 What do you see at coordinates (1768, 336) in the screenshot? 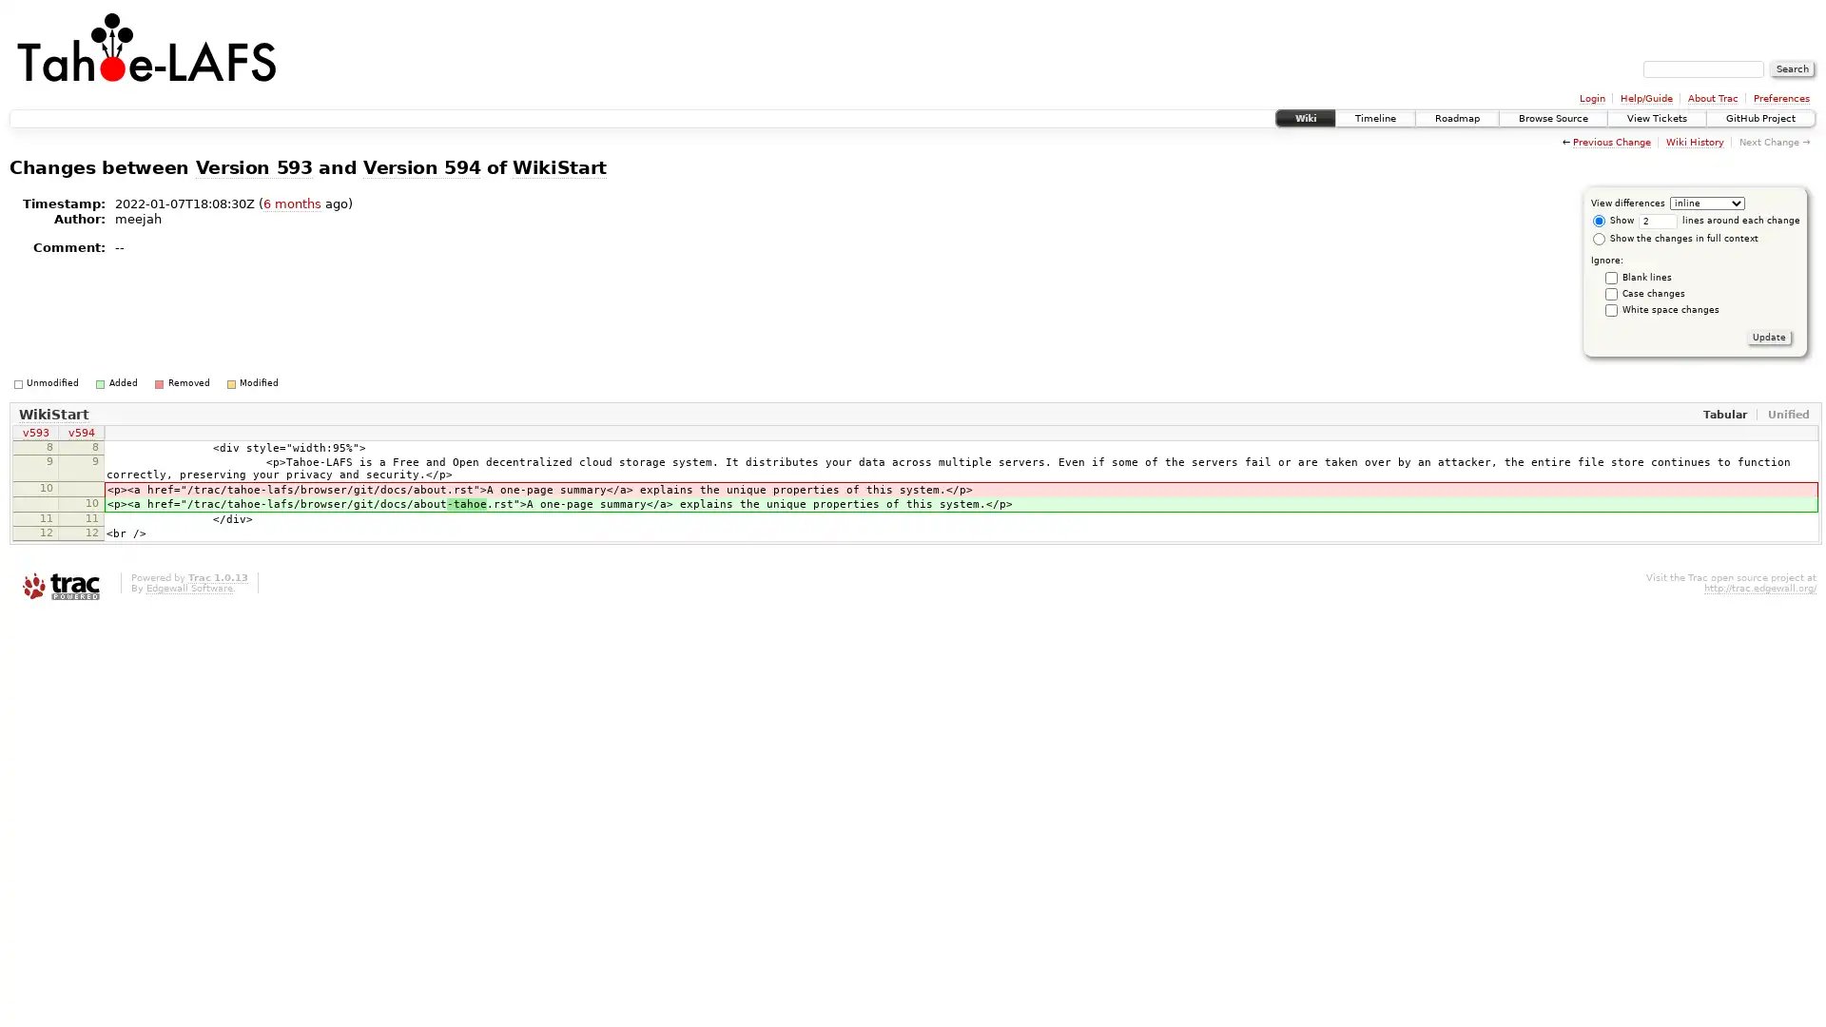
I see `Update` at bounding box center [1768, 336].